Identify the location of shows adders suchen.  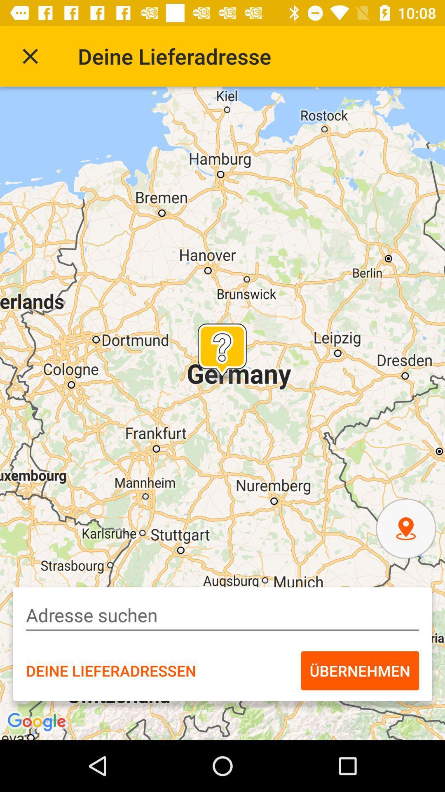
(222, 615).